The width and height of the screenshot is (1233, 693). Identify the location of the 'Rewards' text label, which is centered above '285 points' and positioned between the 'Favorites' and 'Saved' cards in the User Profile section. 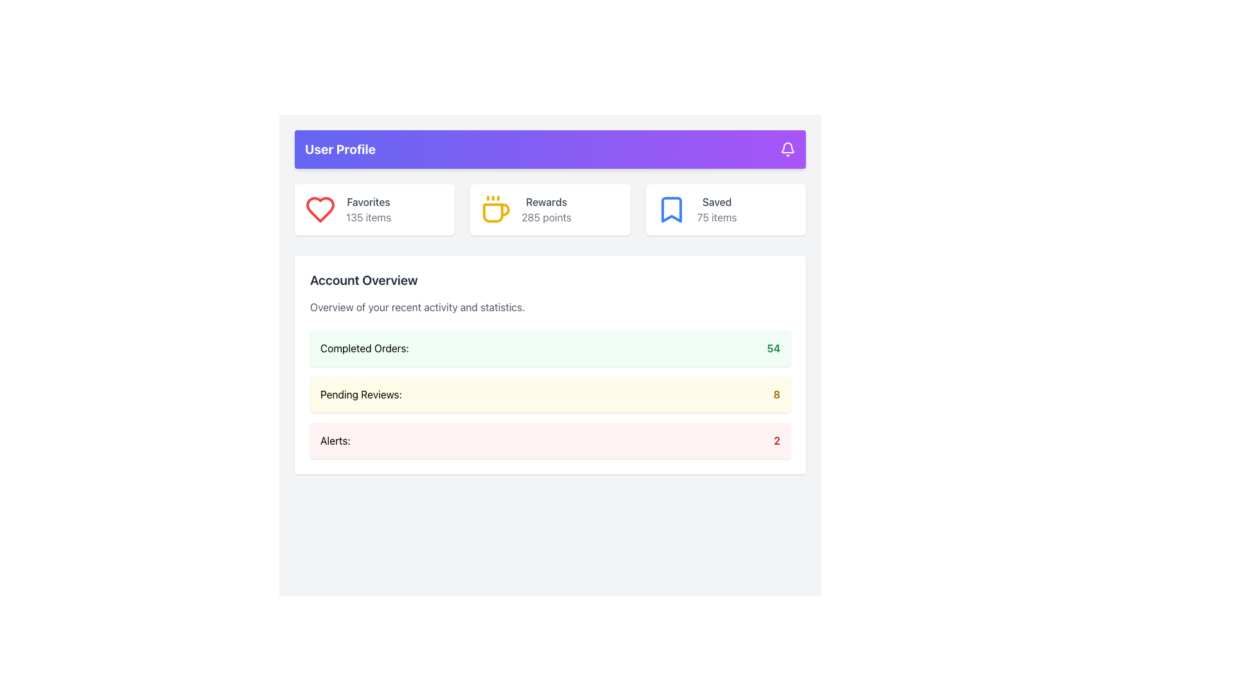
(547, 209).